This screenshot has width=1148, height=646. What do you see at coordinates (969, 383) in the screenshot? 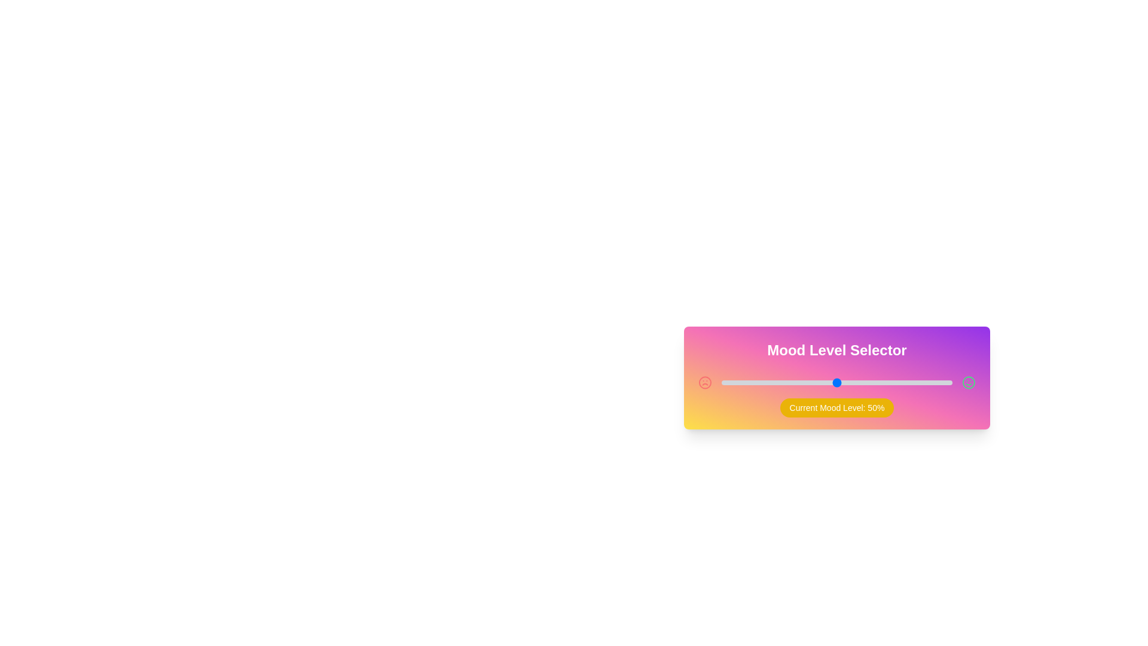
I see `the happy face icon to select it` at bounding box center [969, 383].